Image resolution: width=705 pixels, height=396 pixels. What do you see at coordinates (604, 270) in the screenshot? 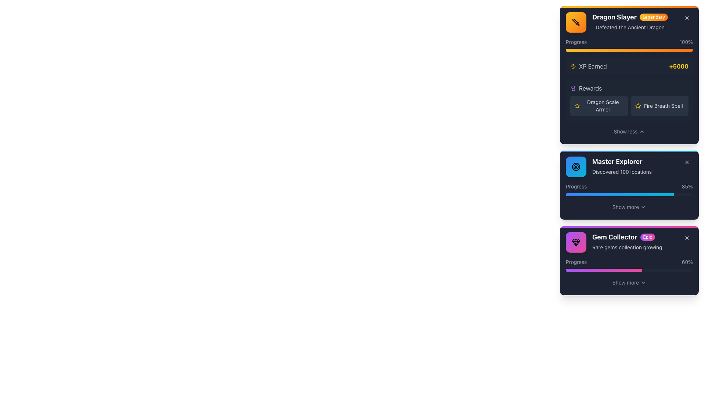
I see `the filled section of the progress bar in the 'Gem Collector' card, located below the 'Progress' label, which is filled with a gradient color from purple to pink` at bounding box center [604, 270].